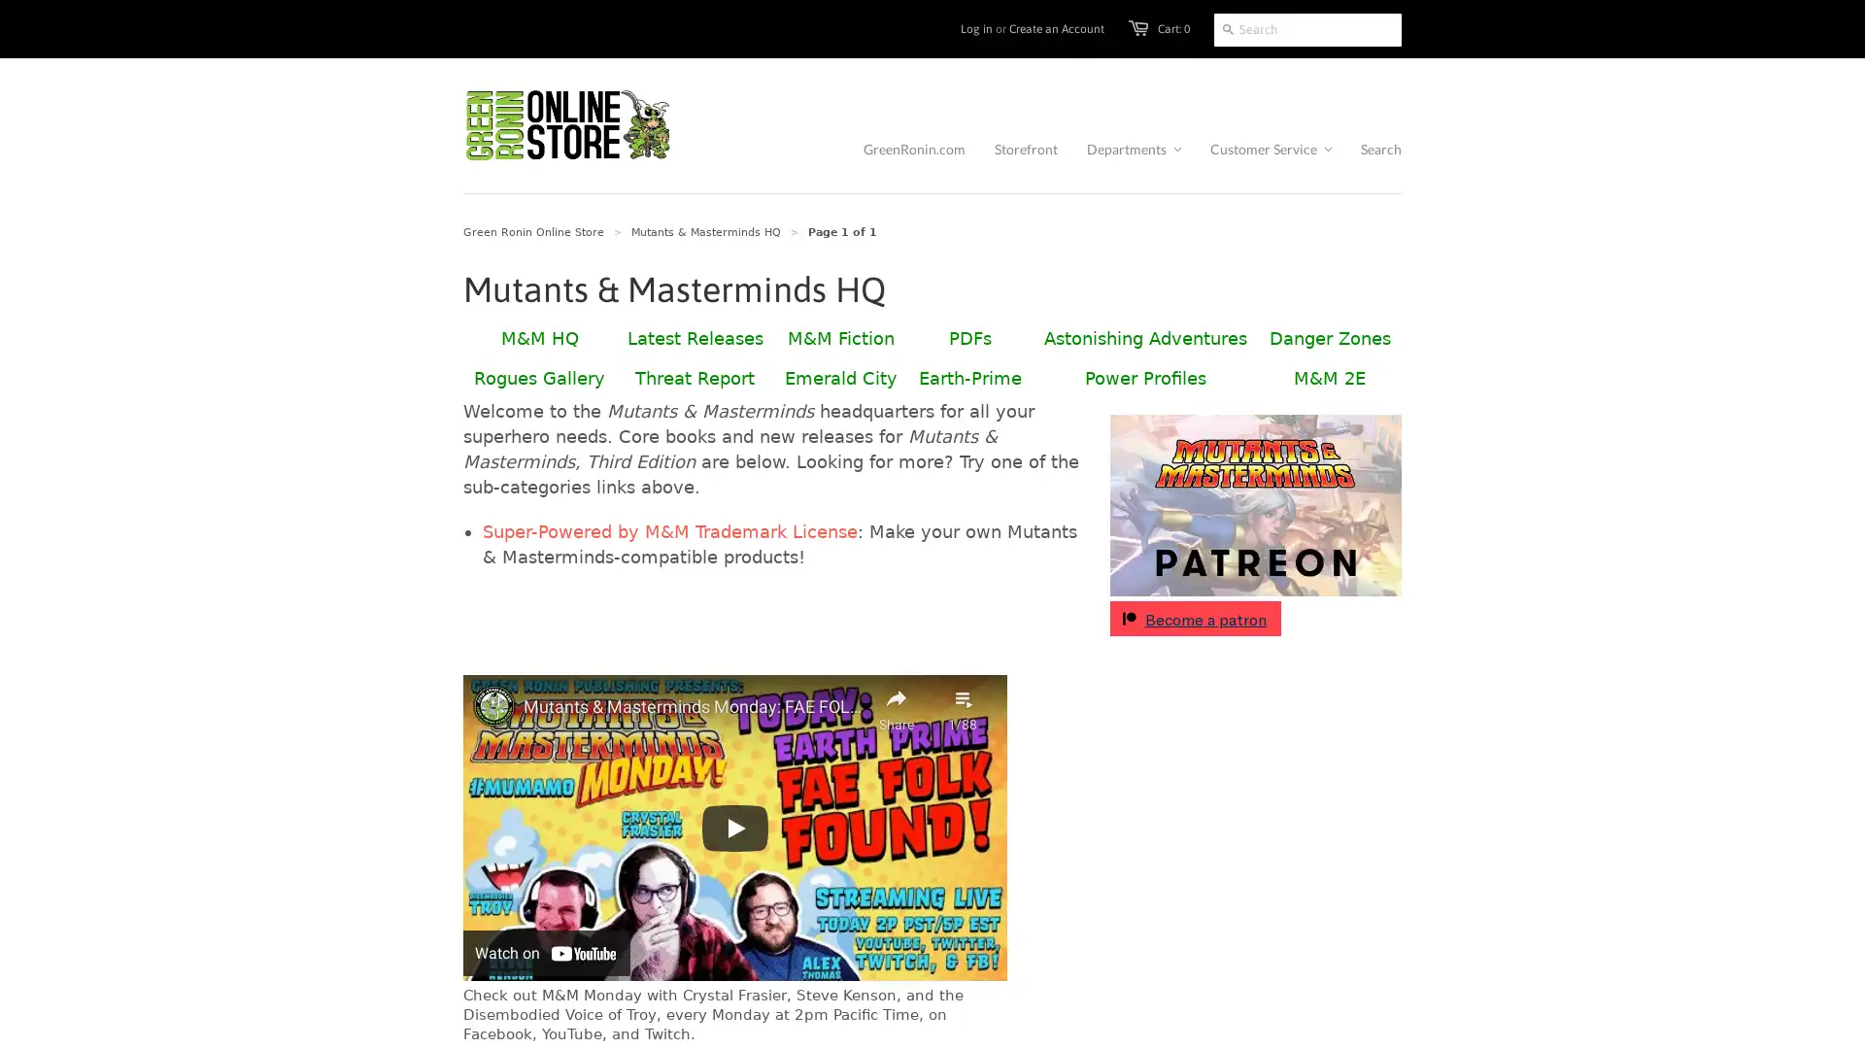  I want to click on Go, so click(1227, 29).